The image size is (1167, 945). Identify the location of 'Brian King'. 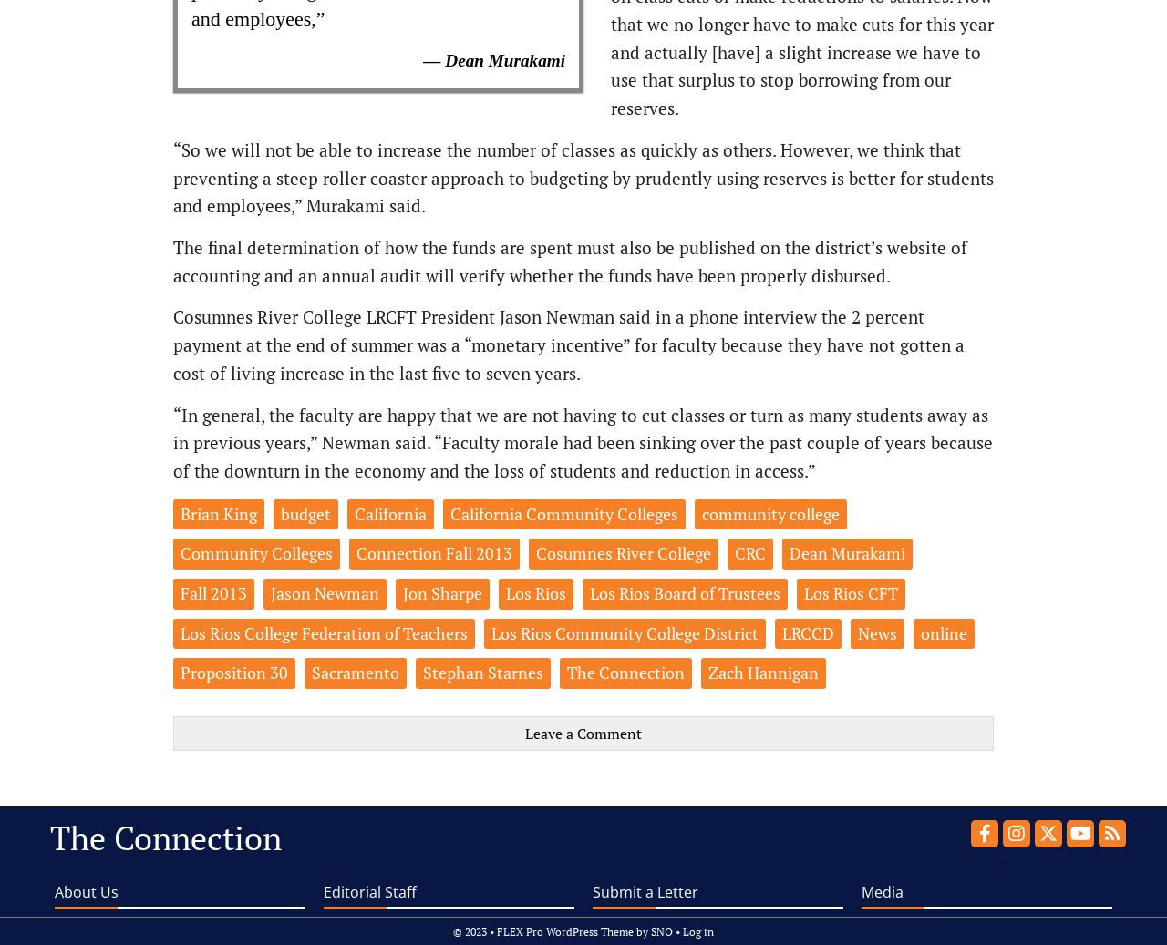
(219, 512).